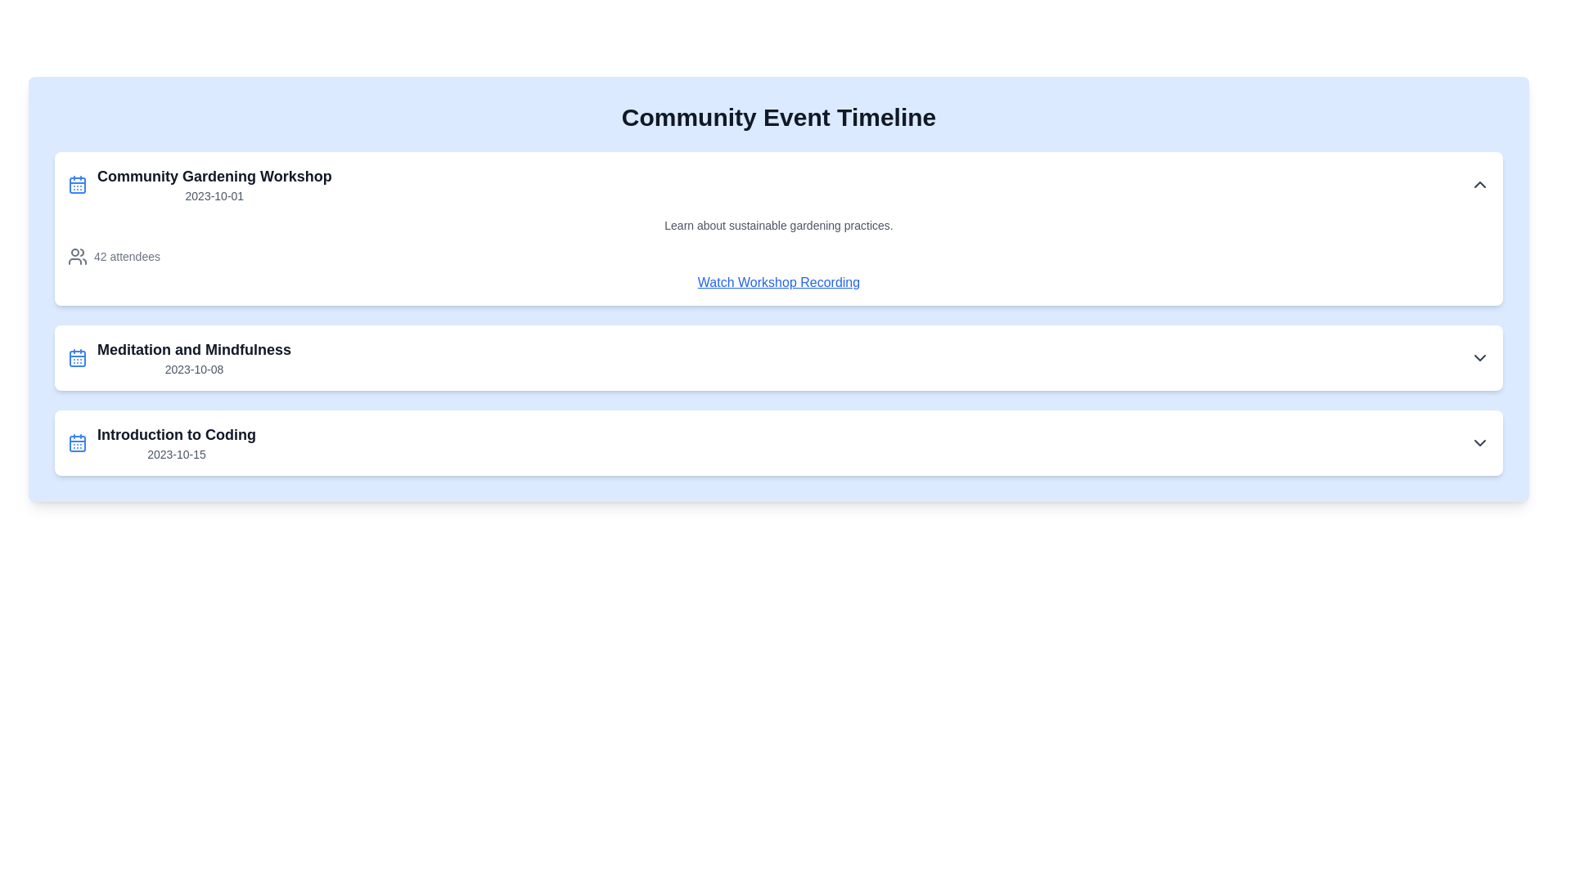  I want to click on the third event in the vertical list of events, which includes an icon and text, so click(161, 443).